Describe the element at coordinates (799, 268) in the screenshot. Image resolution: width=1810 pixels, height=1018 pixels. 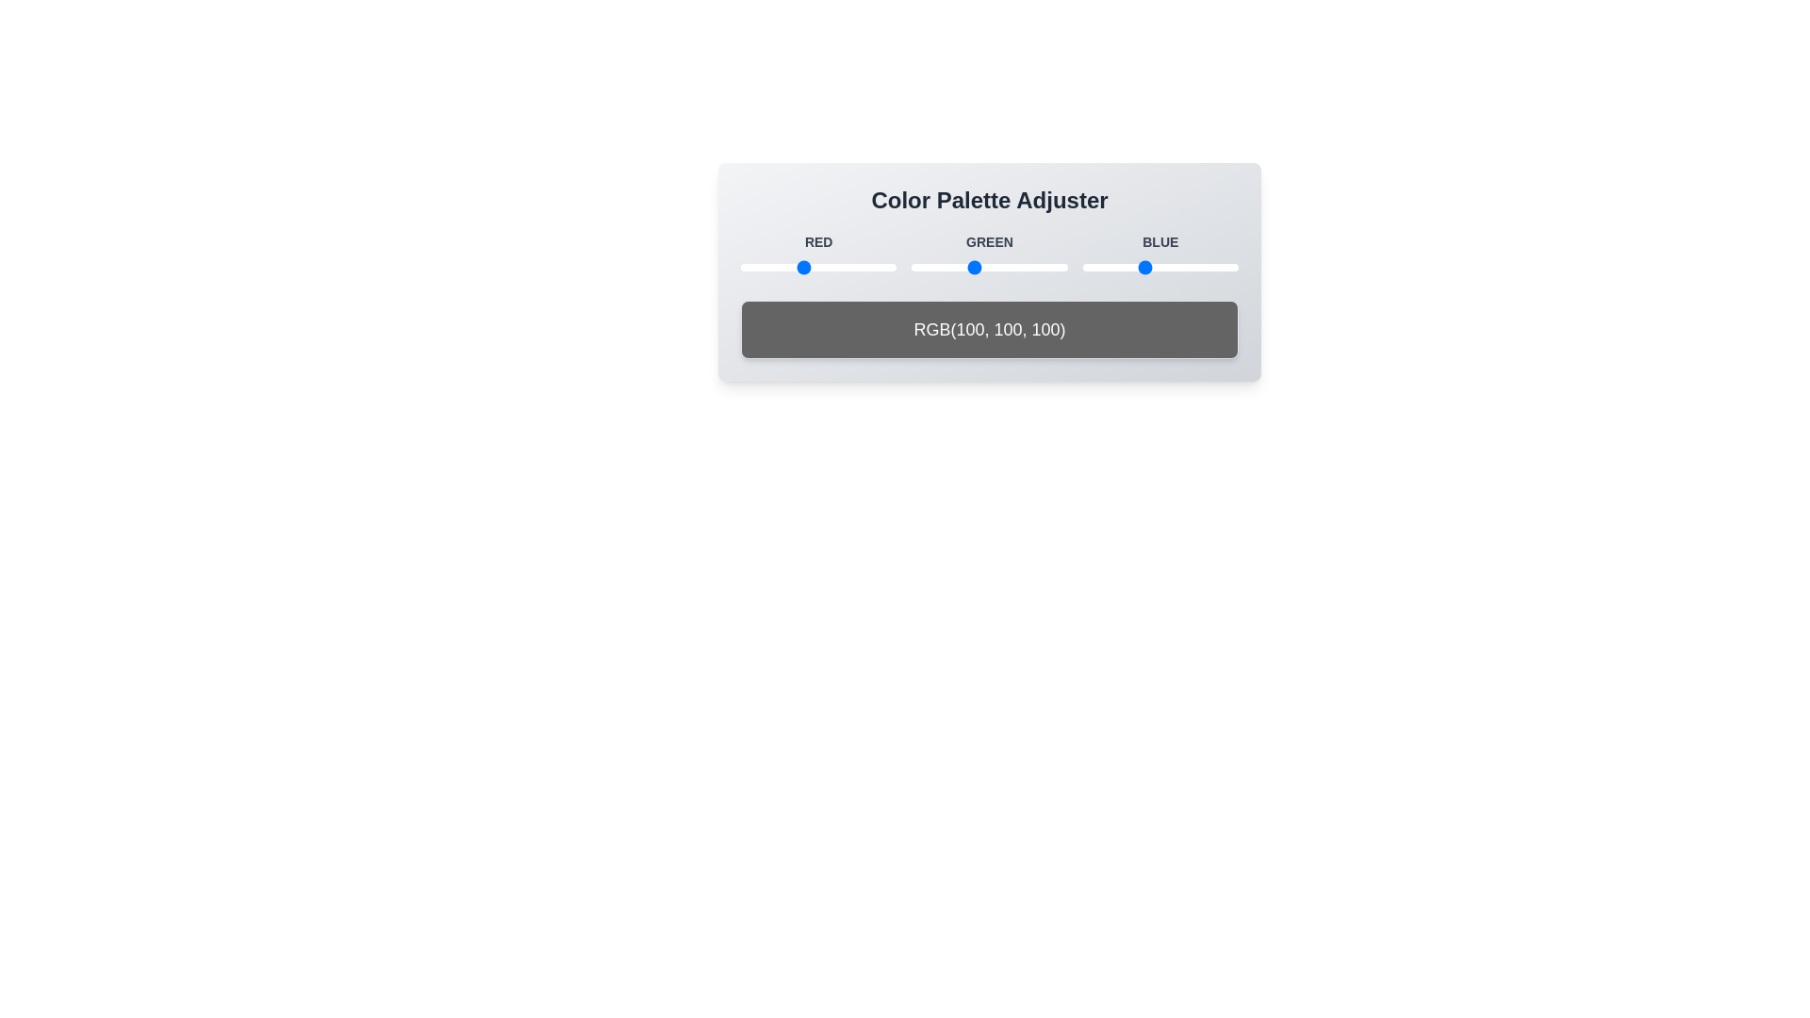
I see `the 1 slider to 97` at that location.